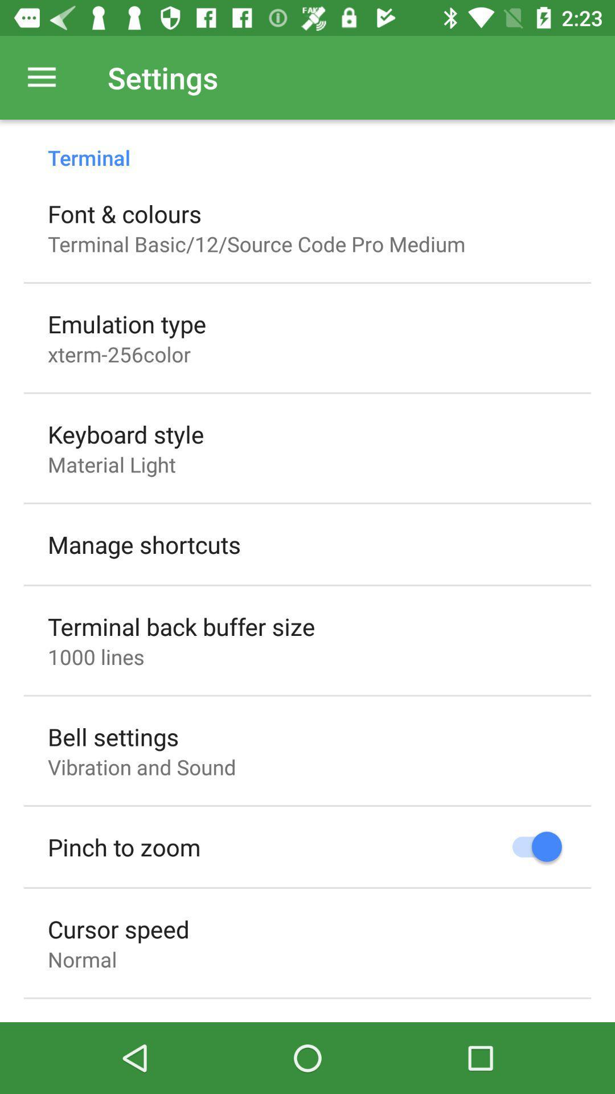 This screenshot has width=615, height=1094. I want to click on item below the pinch to zoom icon, so click(118, 929).